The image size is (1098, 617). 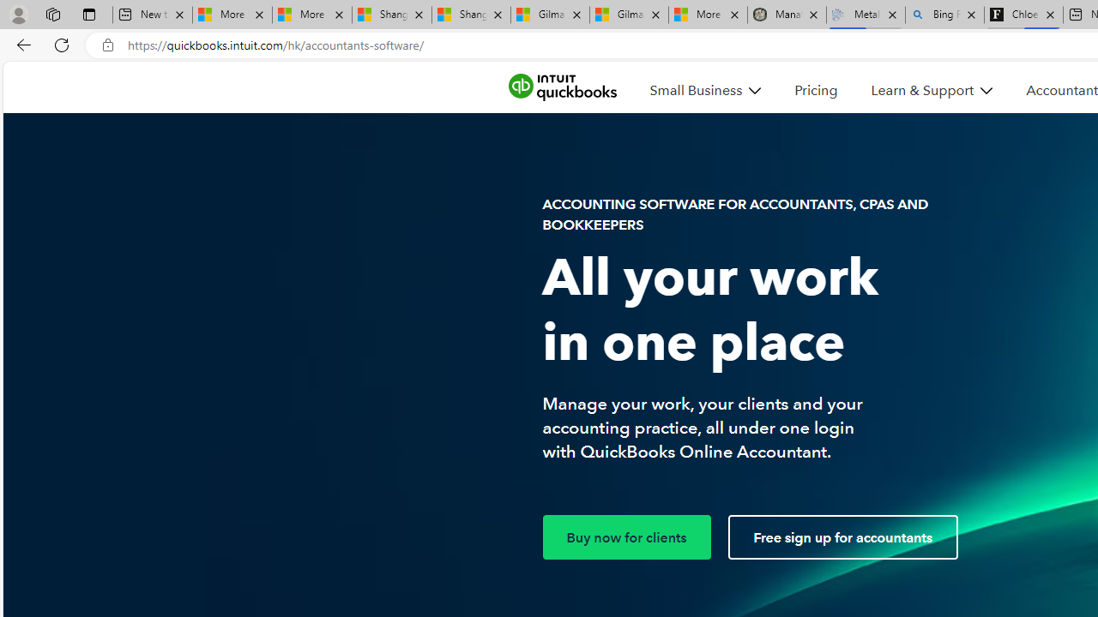 I want to click on 'Free sign up for accountants', so click(x=842, y=536).